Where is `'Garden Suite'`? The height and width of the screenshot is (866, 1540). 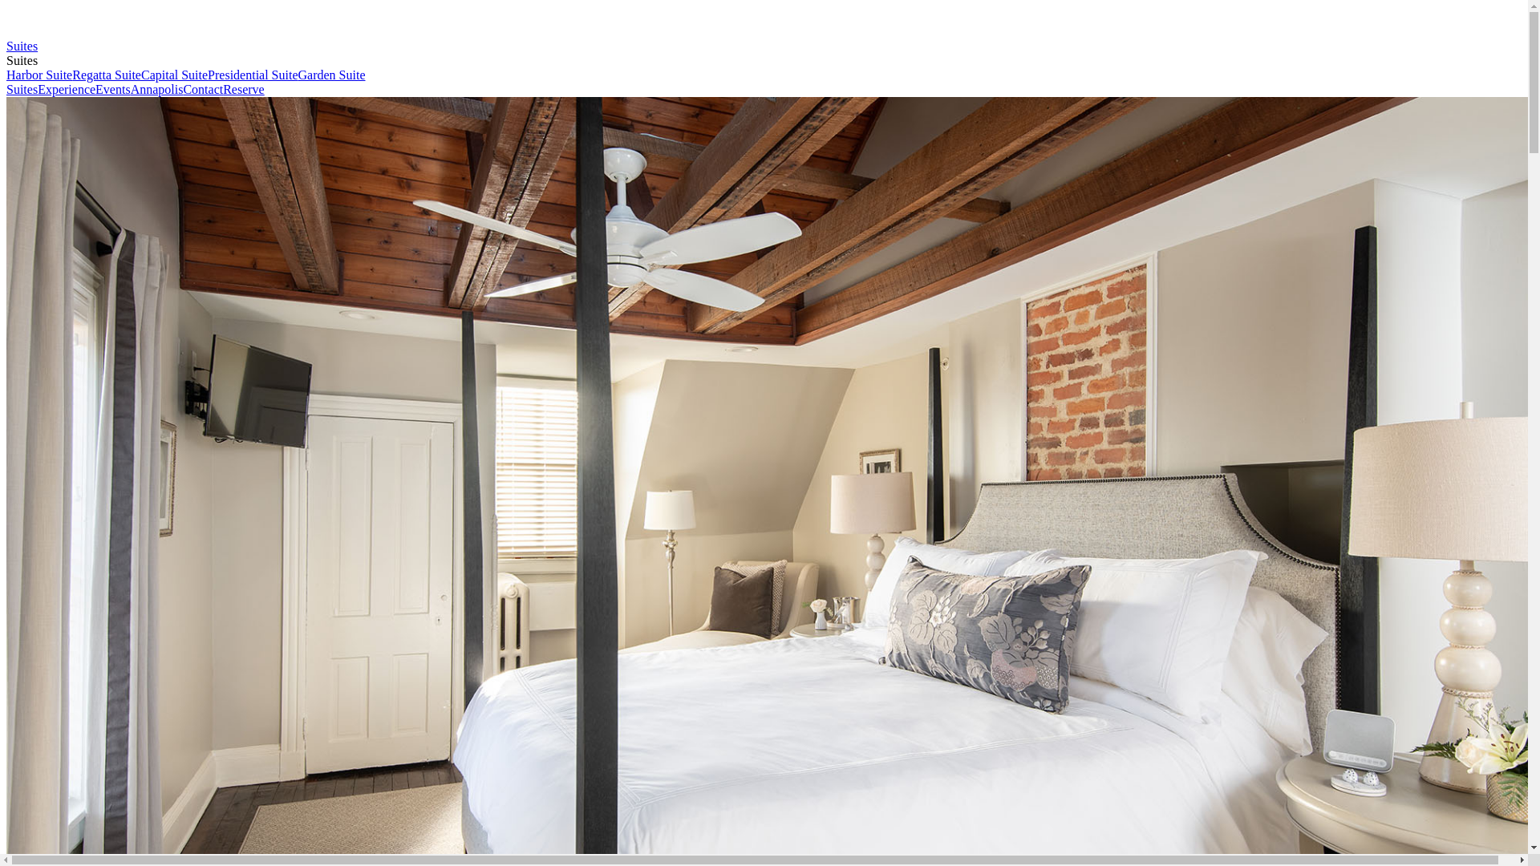 'Garden Suite' is located at coordinates (330, 75).